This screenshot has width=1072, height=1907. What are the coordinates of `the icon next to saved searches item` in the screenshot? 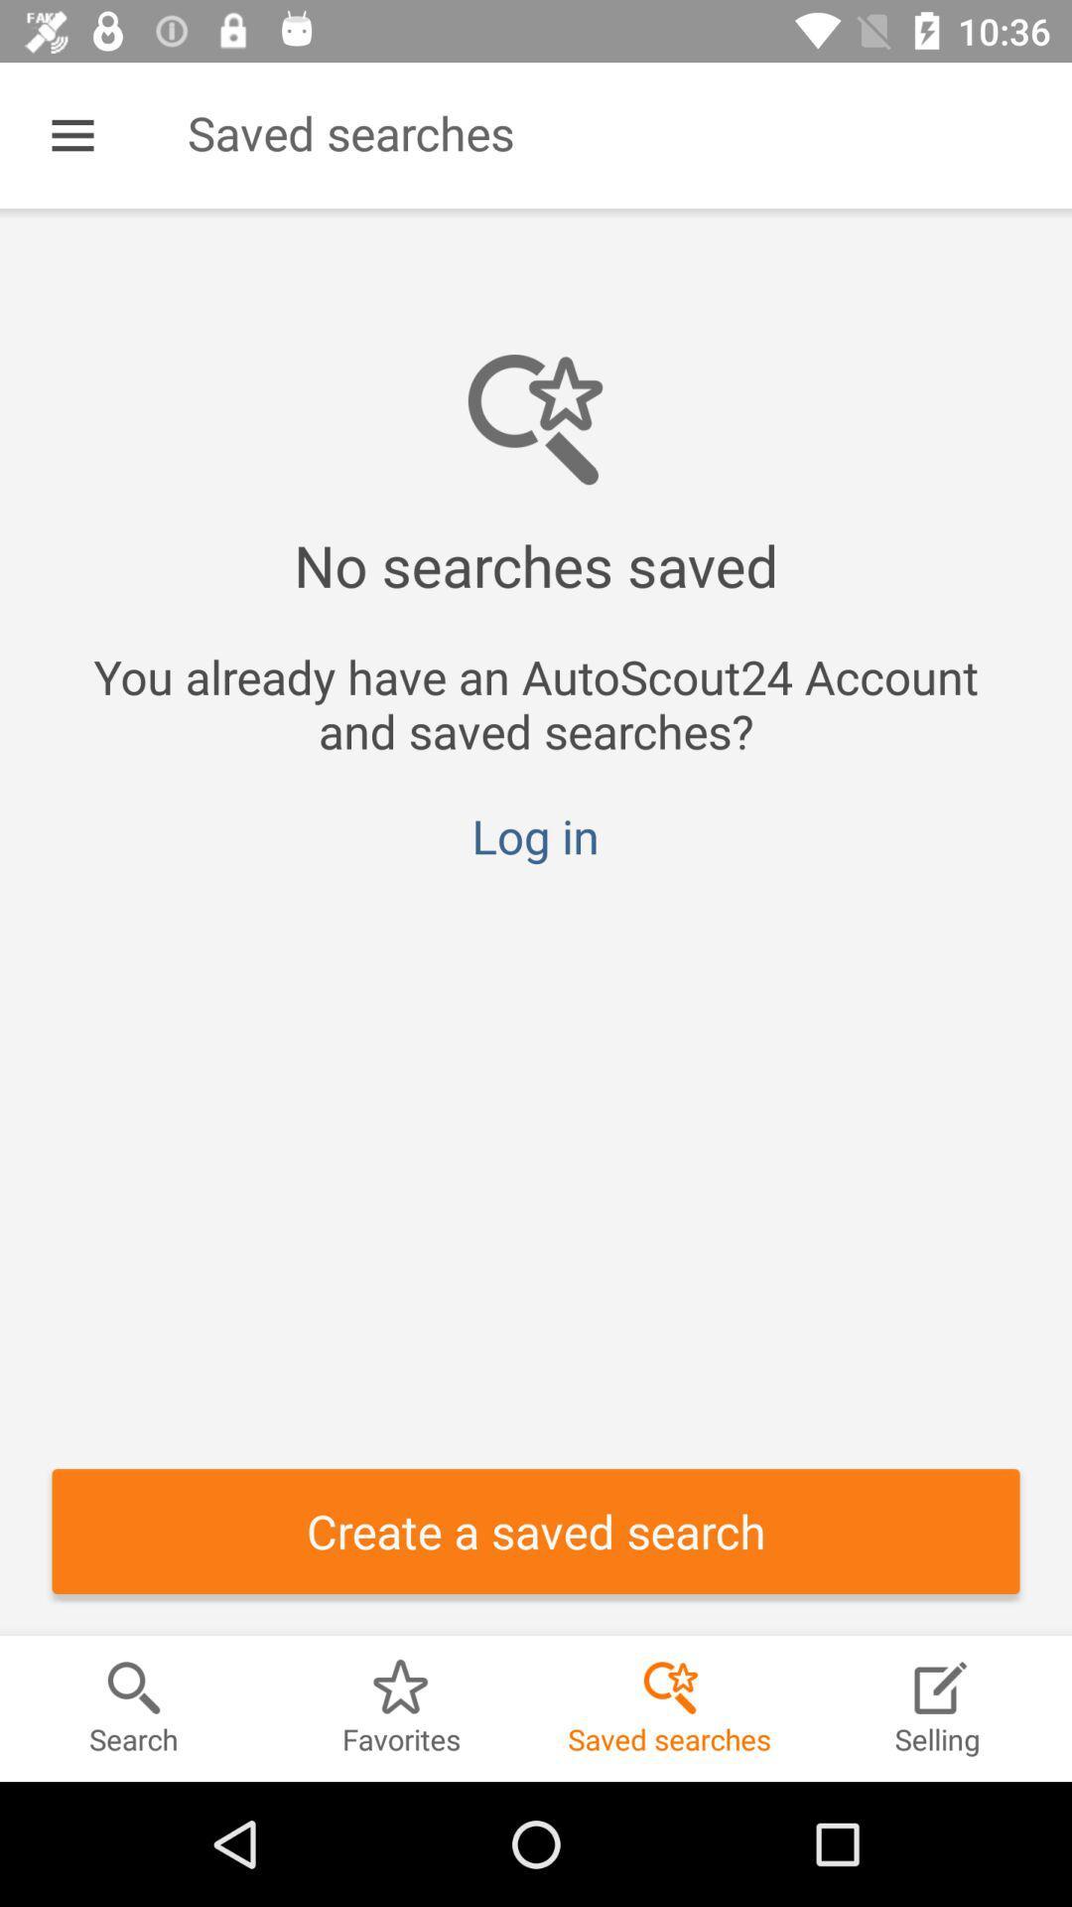 It's located at (71, 134).